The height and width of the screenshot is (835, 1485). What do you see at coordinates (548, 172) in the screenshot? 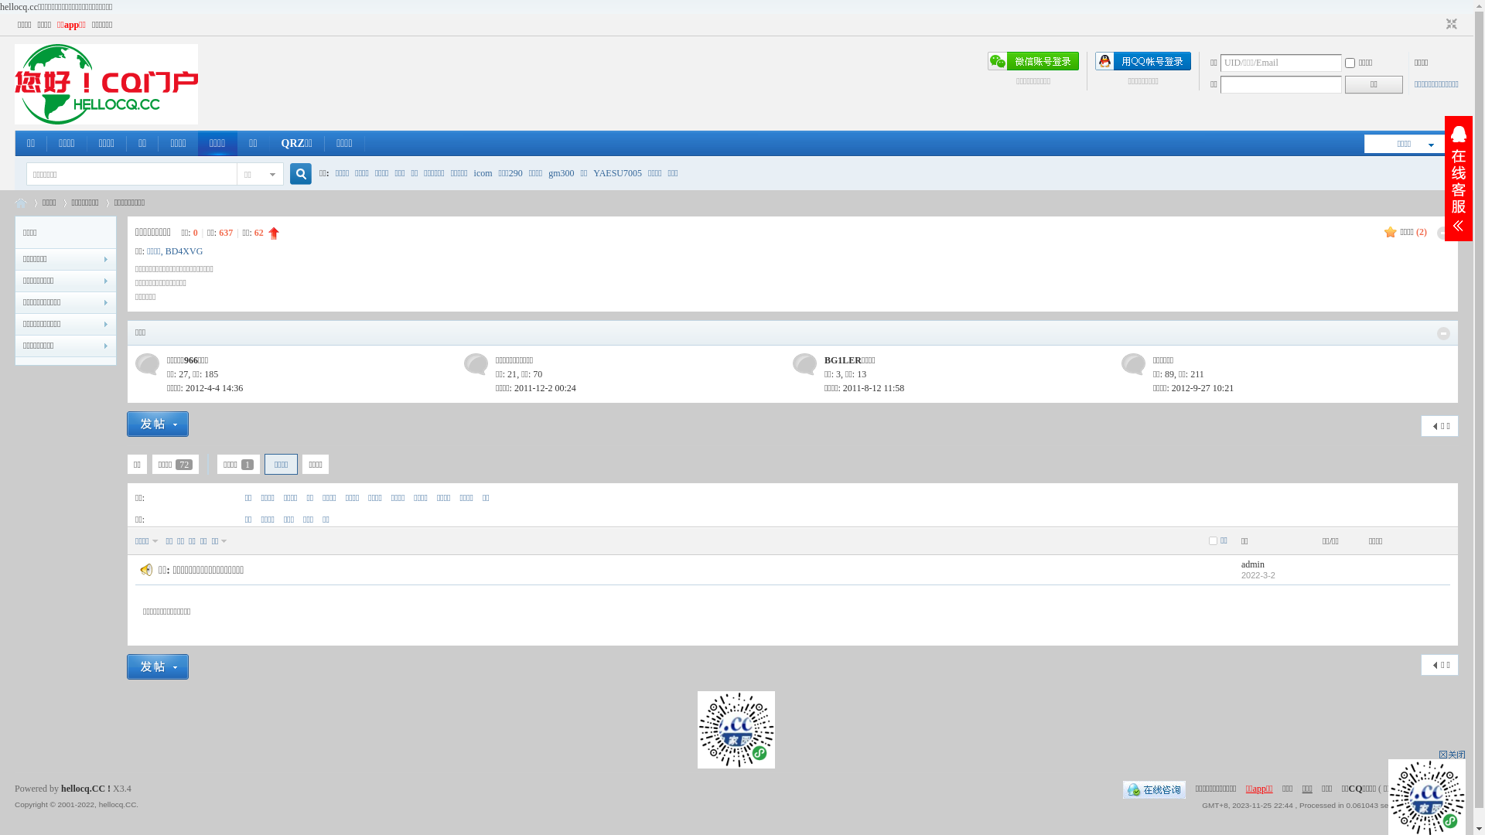
I see `'gm300'` at bounding box center [548, 172].